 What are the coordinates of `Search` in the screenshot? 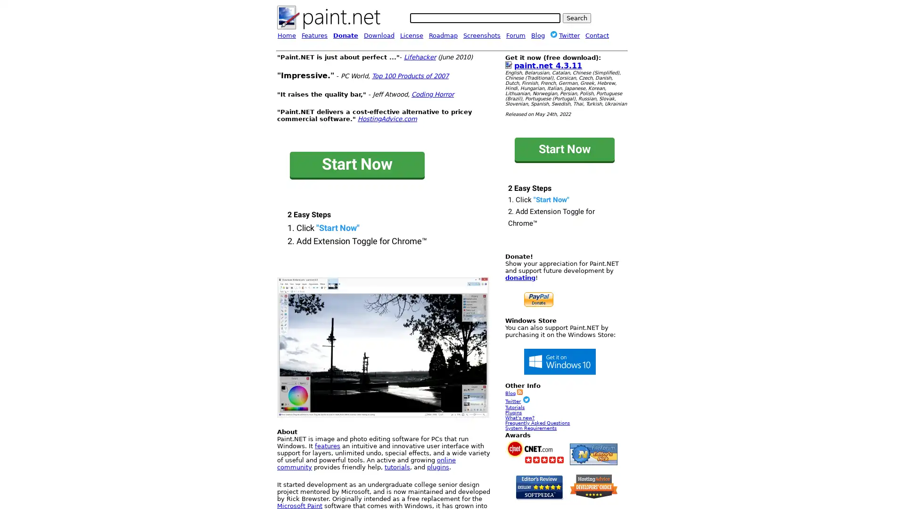 It's located at (576, 18).